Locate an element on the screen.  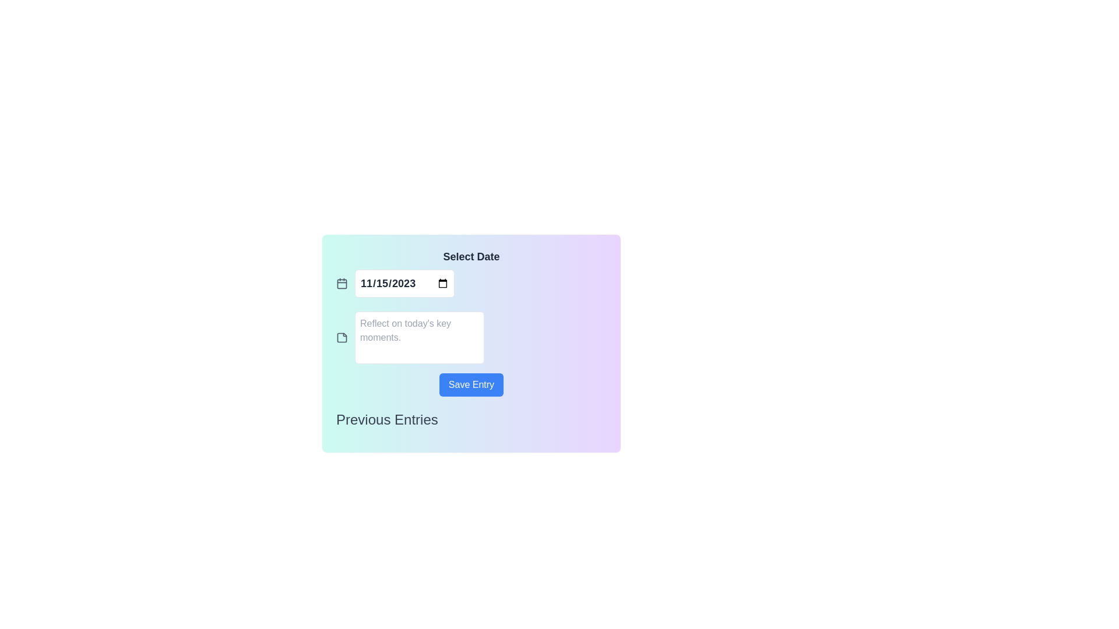
the Text Label that instructs users for the date selection input field located directly below it is located at coordinates (471, 256).